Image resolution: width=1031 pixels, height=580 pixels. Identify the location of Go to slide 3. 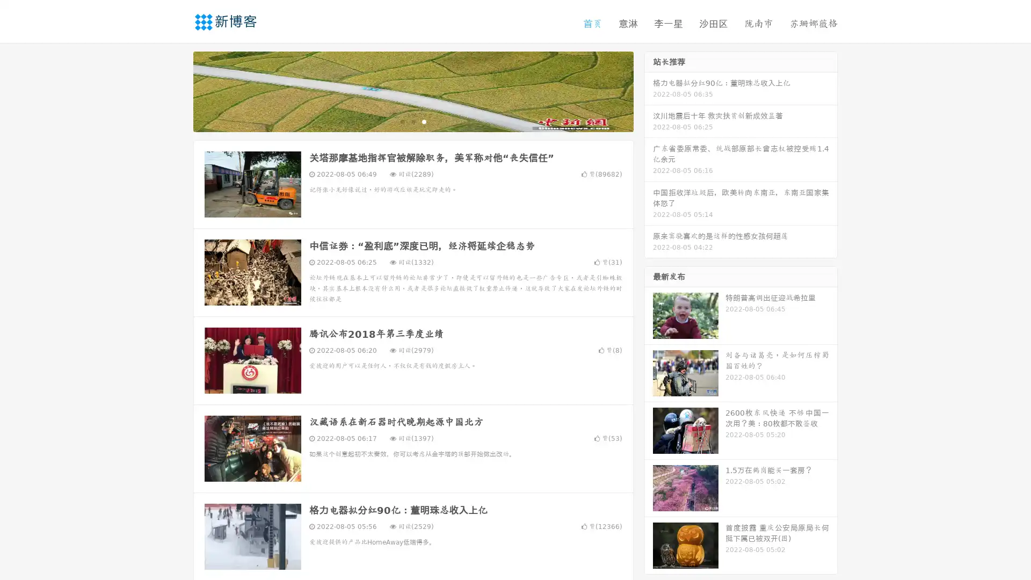
(424, 121).